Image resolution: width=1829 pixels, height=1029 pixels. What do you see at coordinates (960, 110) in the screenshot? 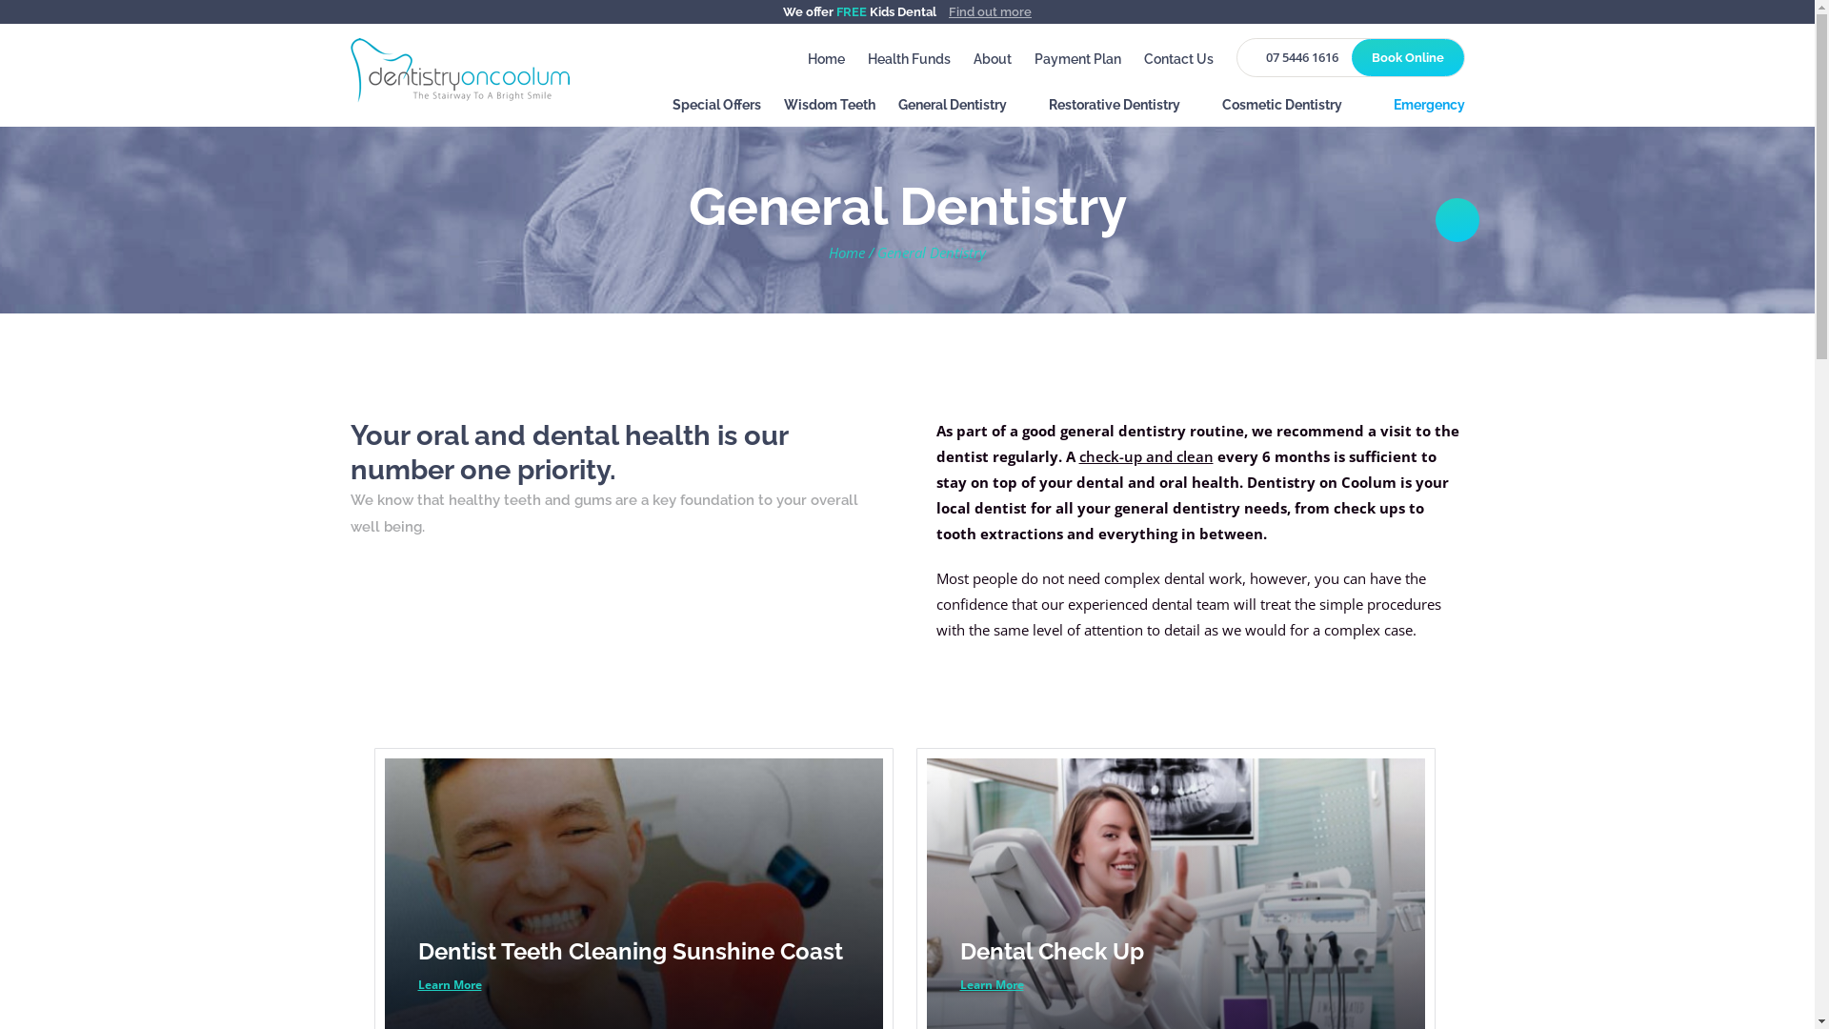
I see `'General Dentistry'` at bounding box center [960, 110].